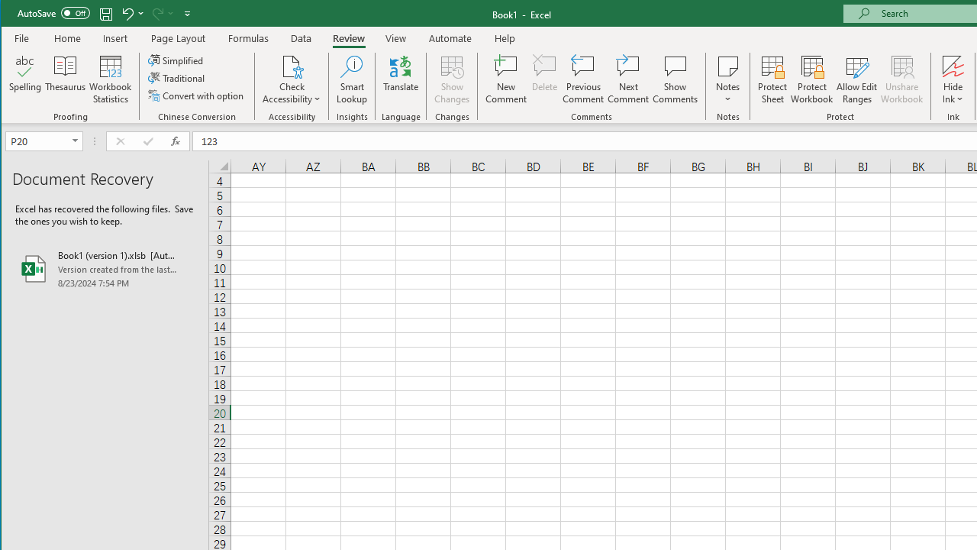 This screenshot has width=977, height=550. What do you see at coordinates (44, 141) in the screenshot?
I see `'Name Box'` at bounding box center [44, 141].